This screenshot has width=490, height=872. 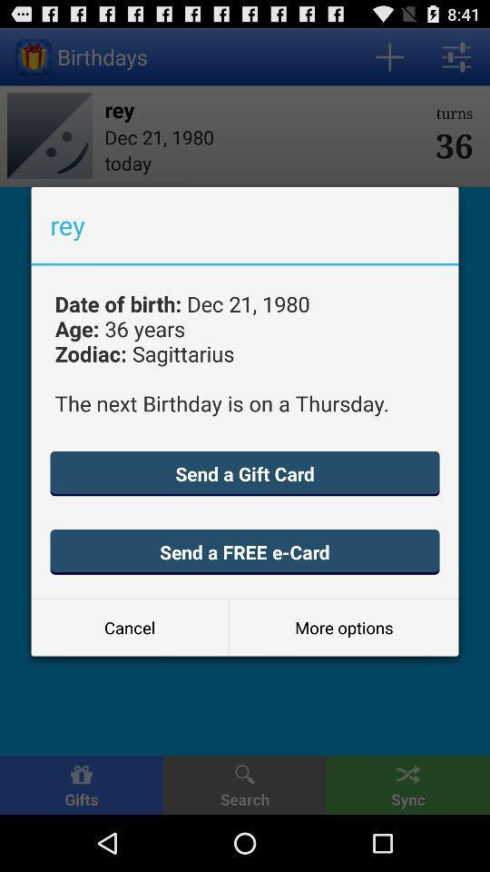 What do you see at coordinates (344, 628) in the screenshot?
I see `the button next to cancel` at bounding box center [344, 628].